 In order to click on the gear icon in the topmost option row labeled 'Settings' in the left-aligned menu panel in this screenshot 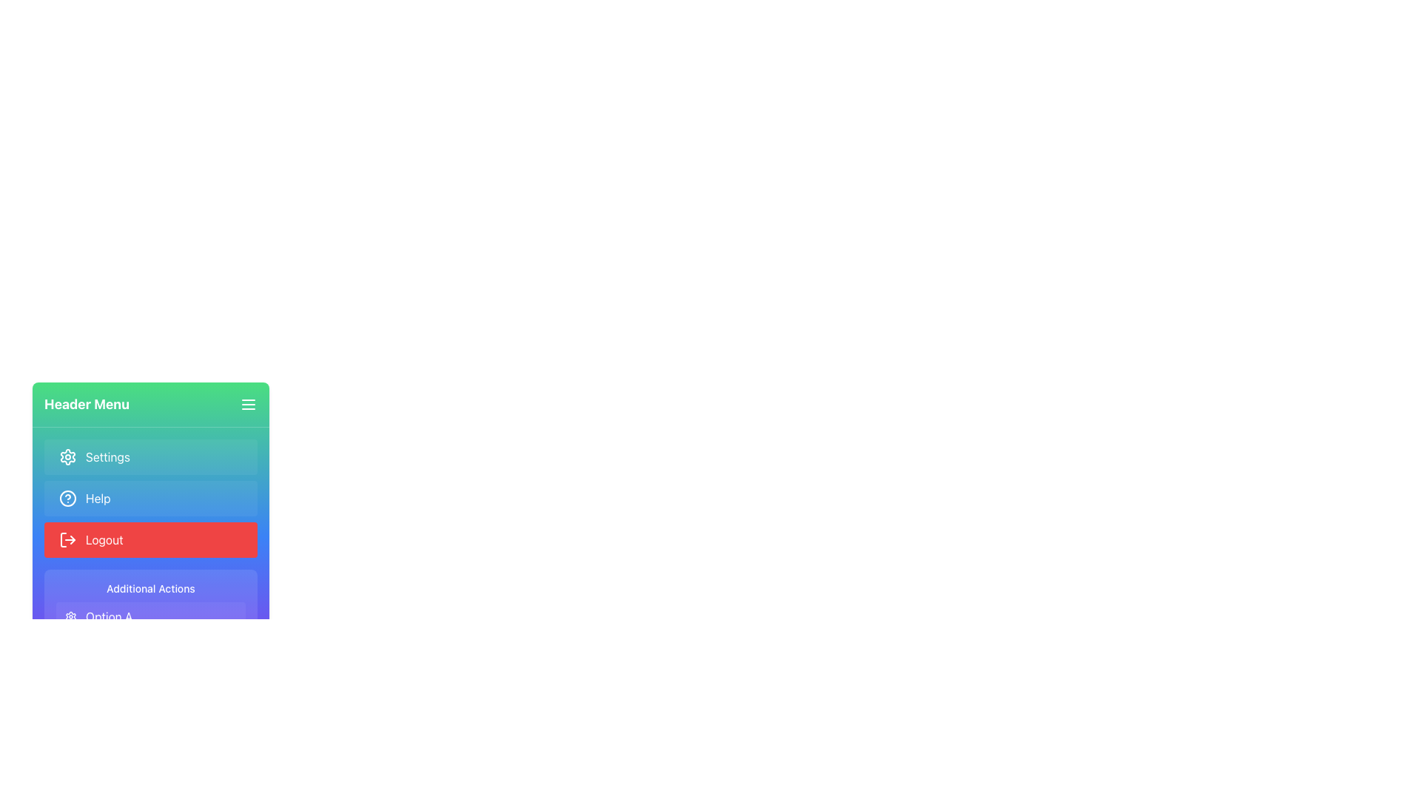, I will do `click(67, 456)`.